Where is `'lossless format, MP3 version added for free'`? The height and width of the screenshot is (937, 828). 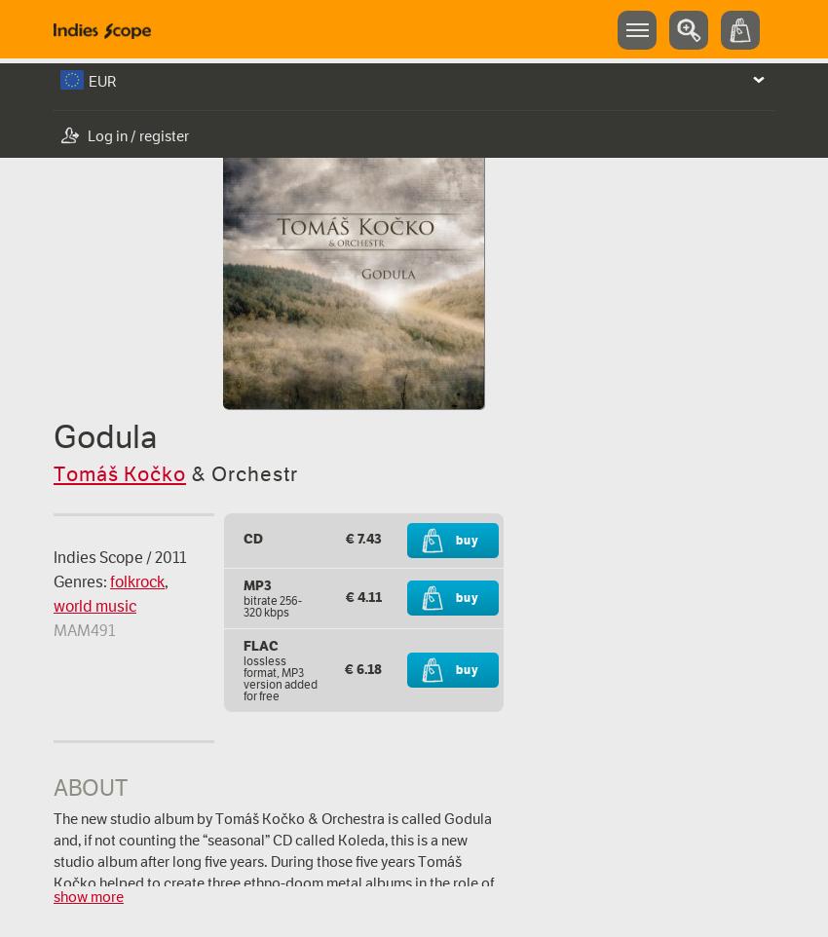 'lossless format, MP3 version added for free' is located at coordinates (242, 677).